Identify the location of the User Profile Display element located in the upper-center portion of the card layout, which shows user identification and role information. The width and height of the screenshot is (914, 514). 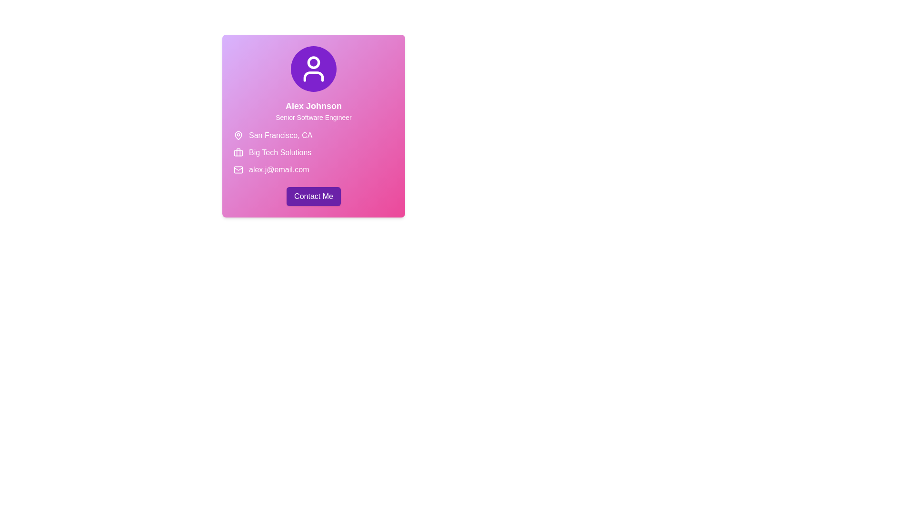
(313, 84).